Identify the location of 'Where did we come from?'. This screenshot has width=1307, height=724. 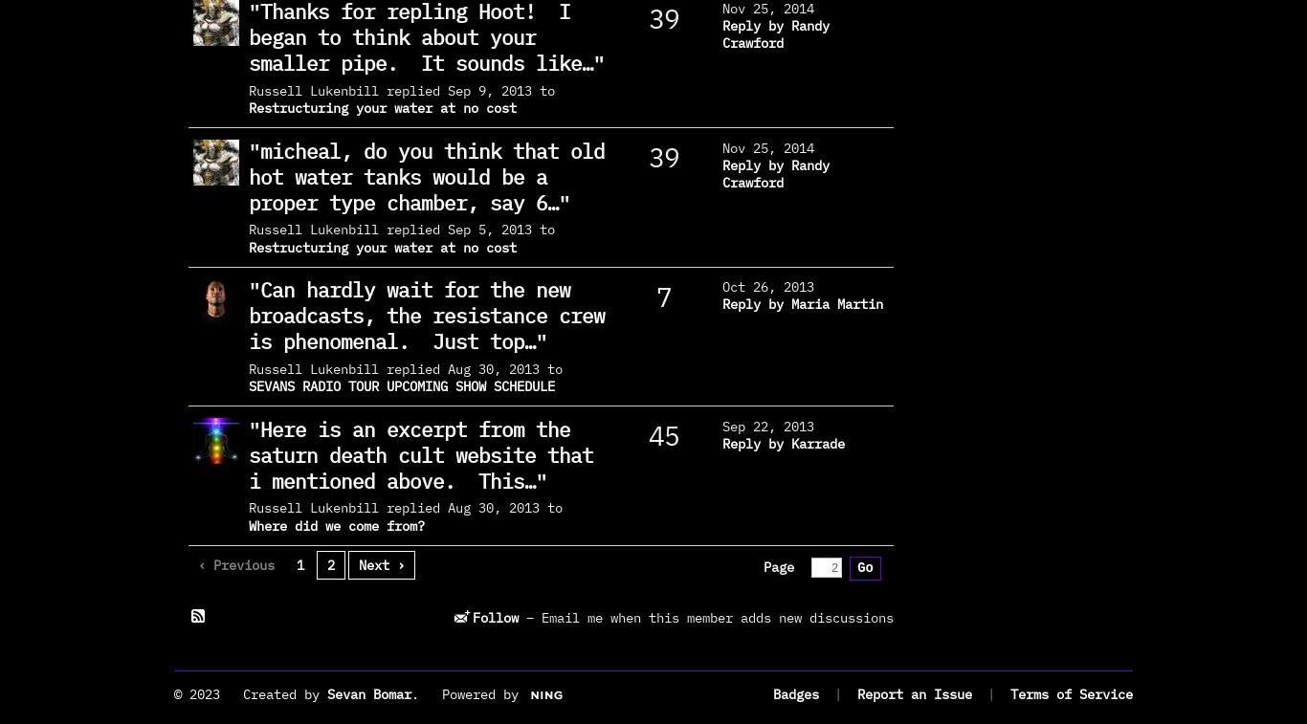
(336, 524).